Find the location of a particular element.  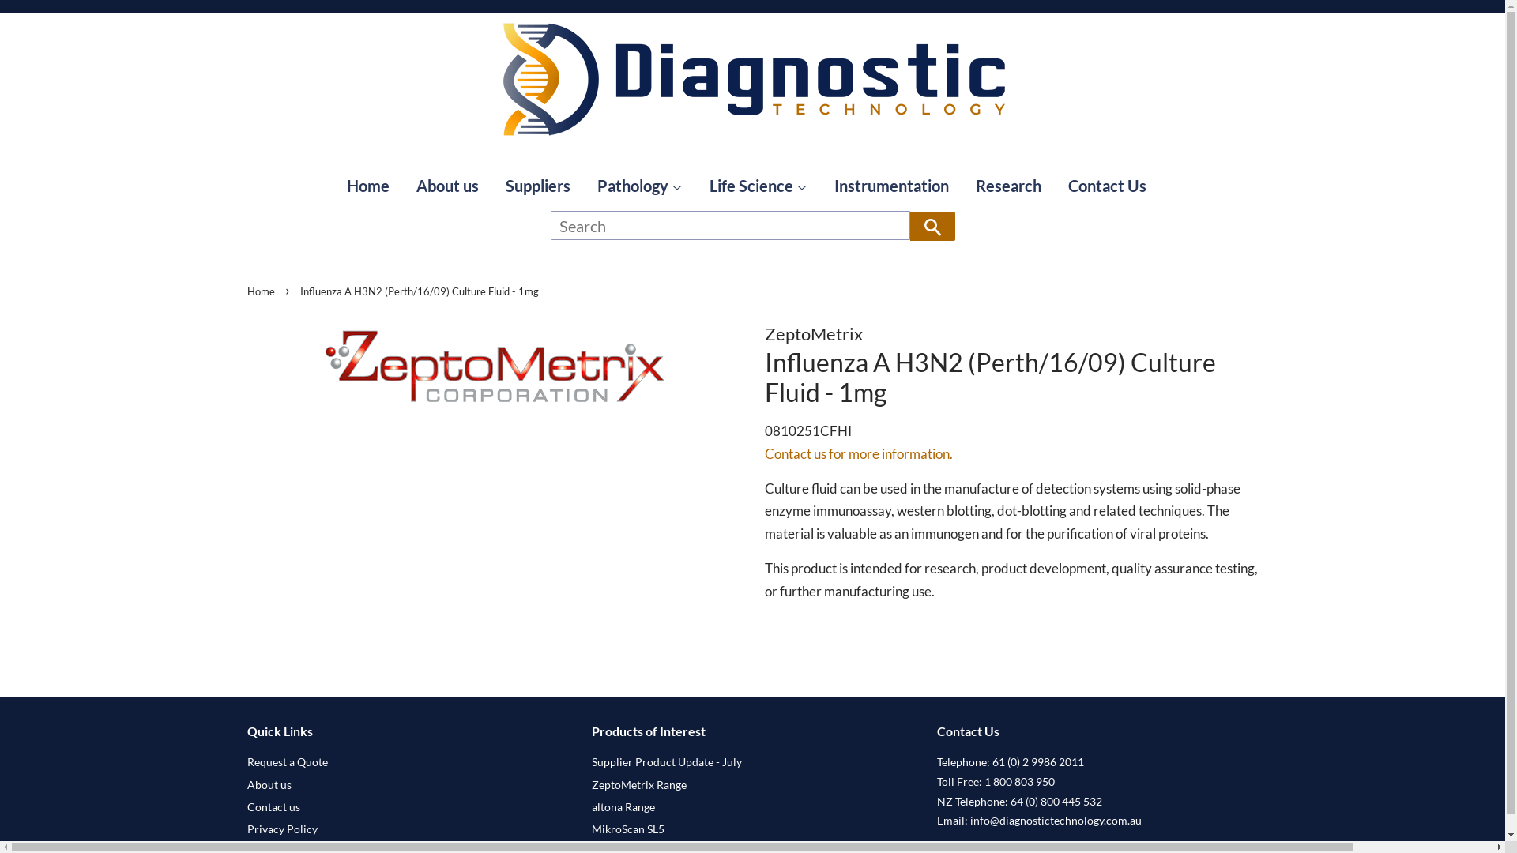

'Research' is located at coordinates (1007, 185).